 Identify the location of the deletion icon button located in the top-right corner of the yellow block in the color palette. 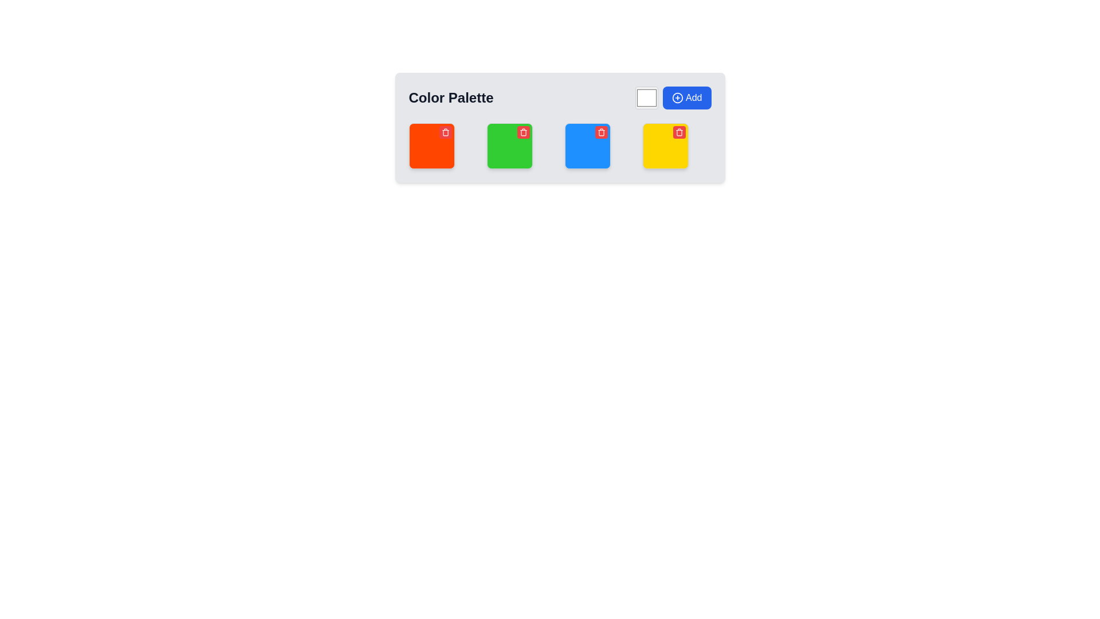
(679, 132).